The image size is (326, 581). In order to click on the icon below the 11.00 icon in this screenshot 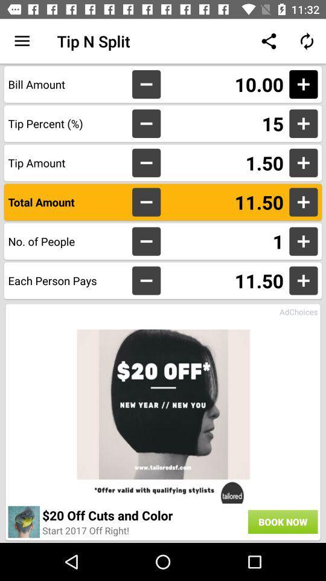, I will do `click(225, 123)`.